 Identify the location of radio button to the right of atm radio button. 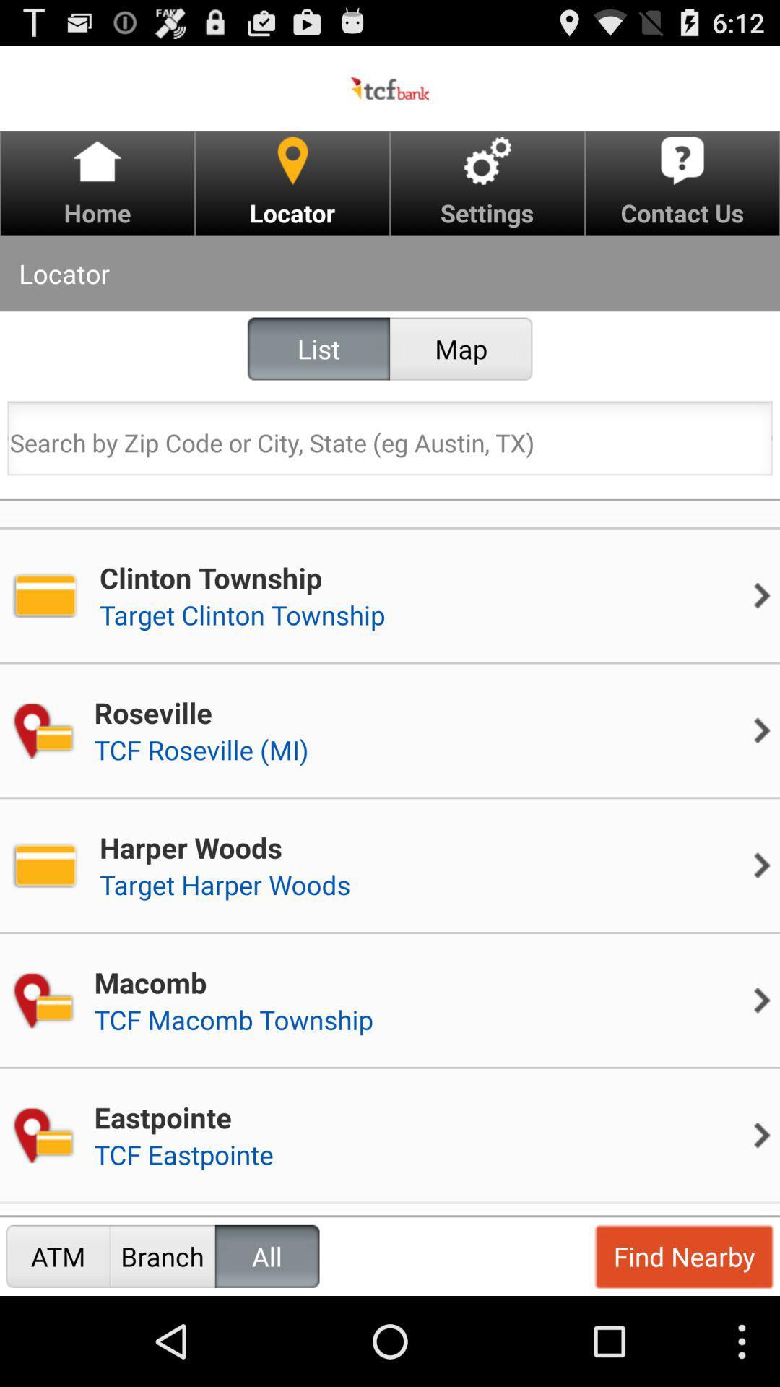
(162, 1256).